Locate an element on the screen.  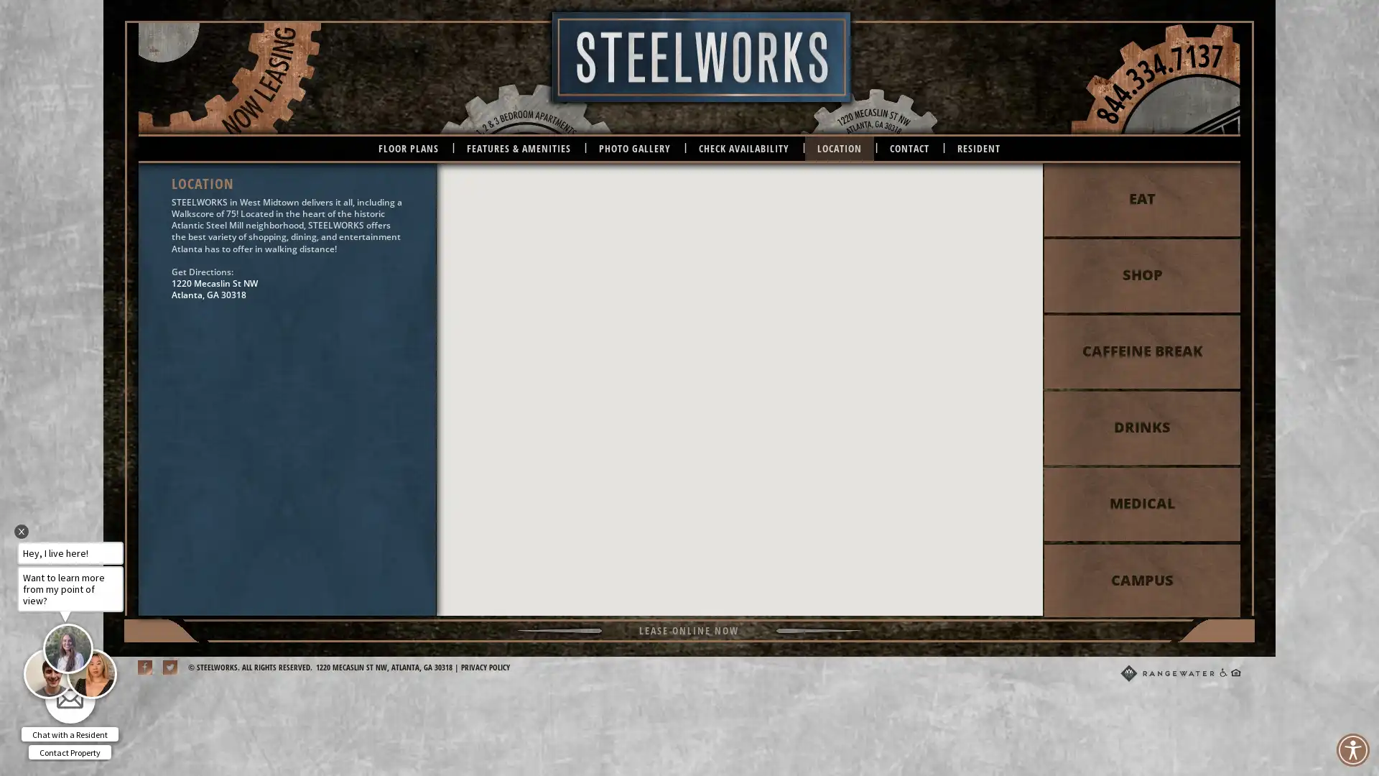
Keyboard shortcuts is located at coordinates (803, 609).